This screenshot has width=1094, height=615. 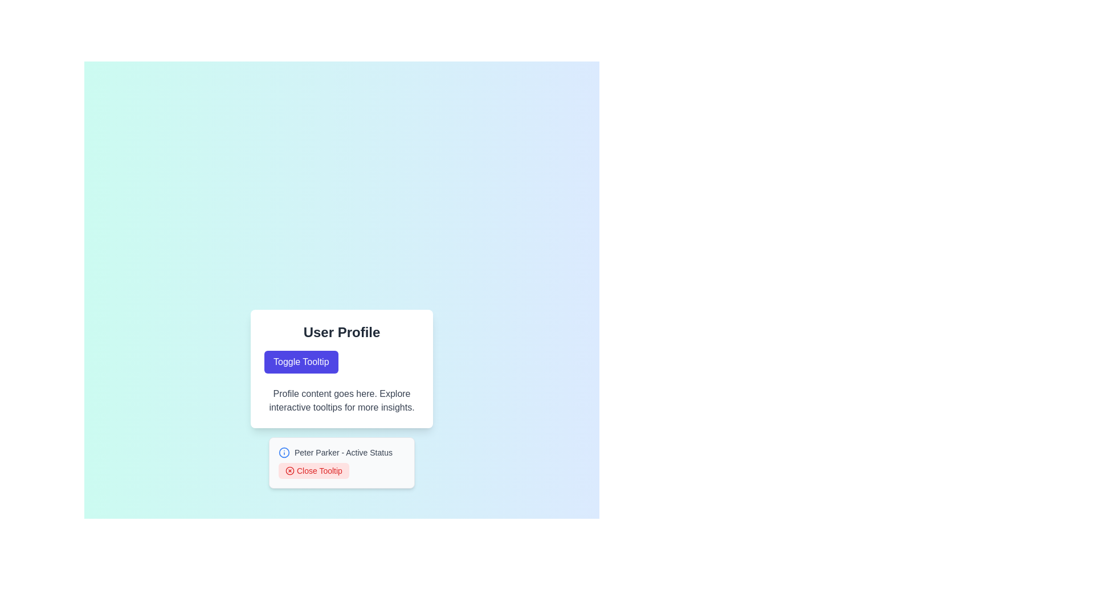 What do you see at coordinates (314, 470) in the screenshot?
I see `the 'Close Tooltip' button` at bounding box center [314, 470].